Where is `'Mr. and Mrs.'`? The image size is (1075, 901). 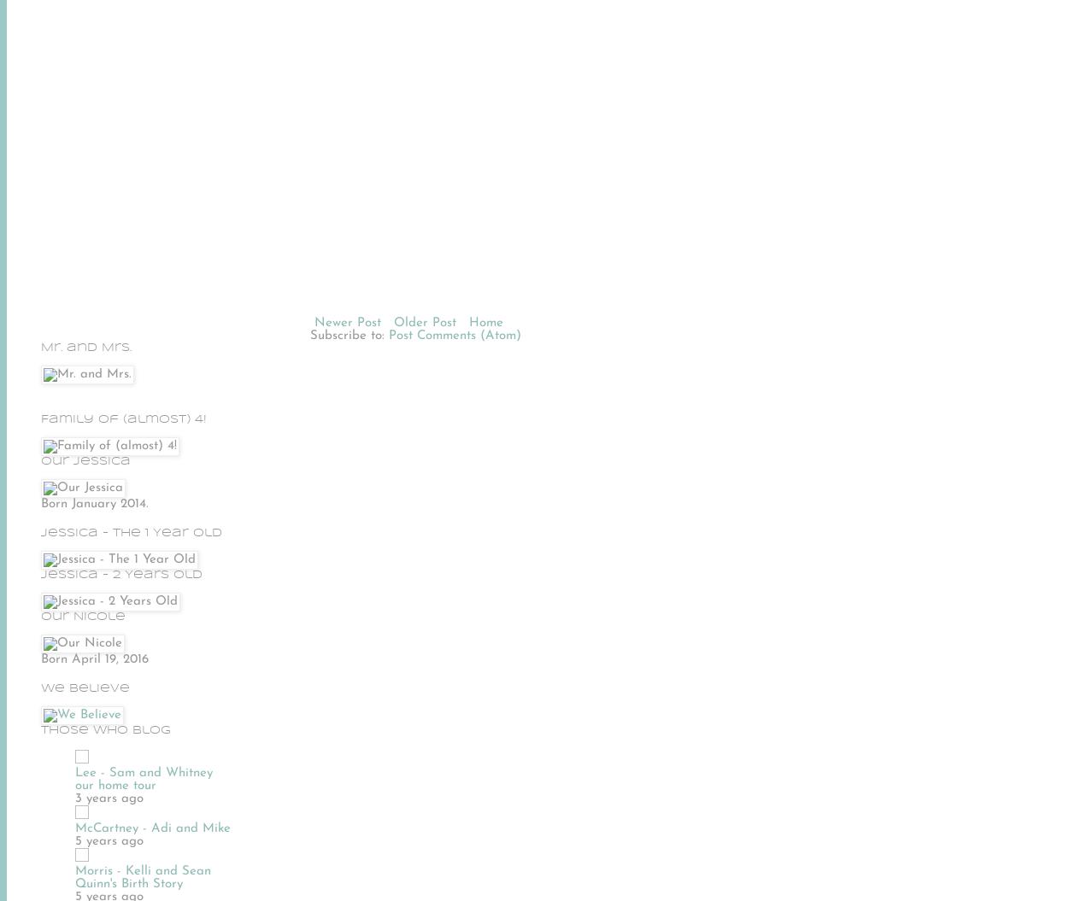
'Mr. and Mrs.' is located at coordinates (86, 347).